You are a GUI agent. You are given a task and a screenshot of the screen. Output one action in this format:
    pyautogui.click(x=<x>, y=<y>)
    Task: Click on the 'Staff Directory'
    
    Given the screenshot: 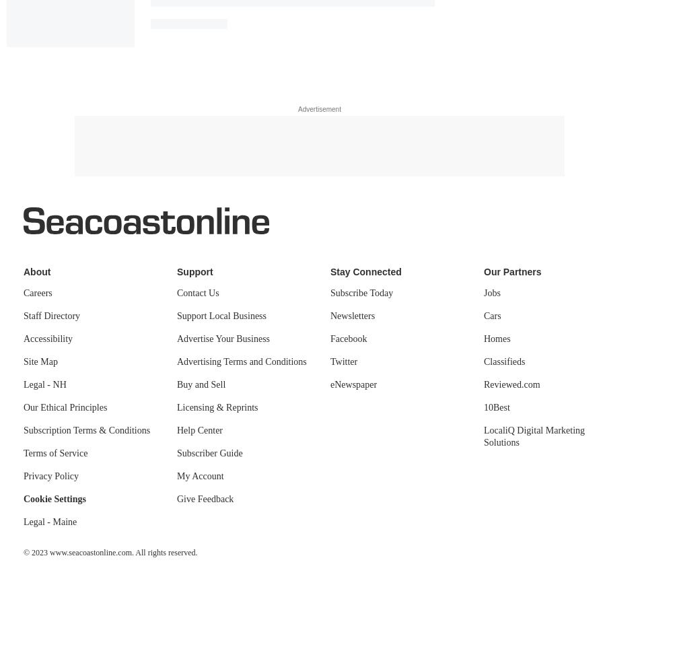 What is the action you would take?
    pyautogui.click(x=51, y=316)
    